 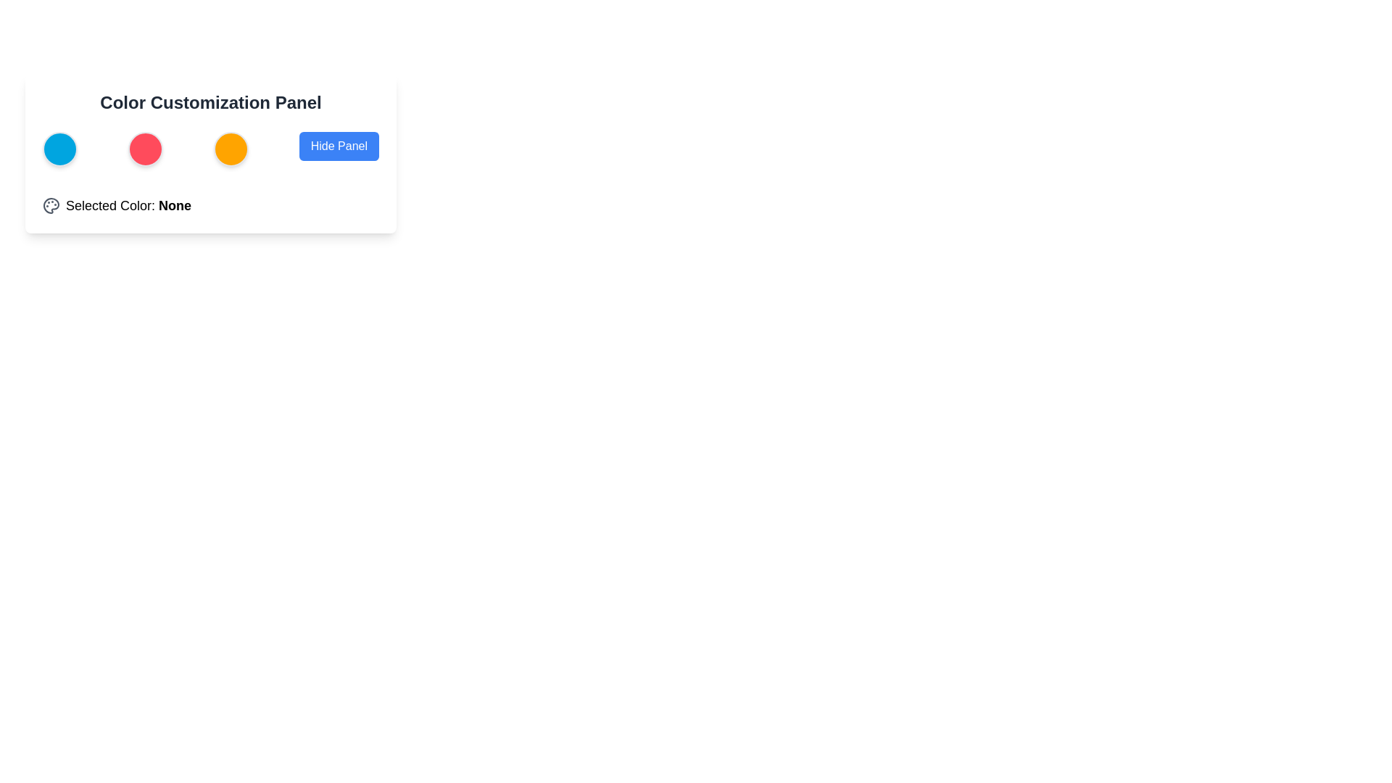 I want to click on the text label that reads 'Selected Color: None', so click(x=128, y=206).